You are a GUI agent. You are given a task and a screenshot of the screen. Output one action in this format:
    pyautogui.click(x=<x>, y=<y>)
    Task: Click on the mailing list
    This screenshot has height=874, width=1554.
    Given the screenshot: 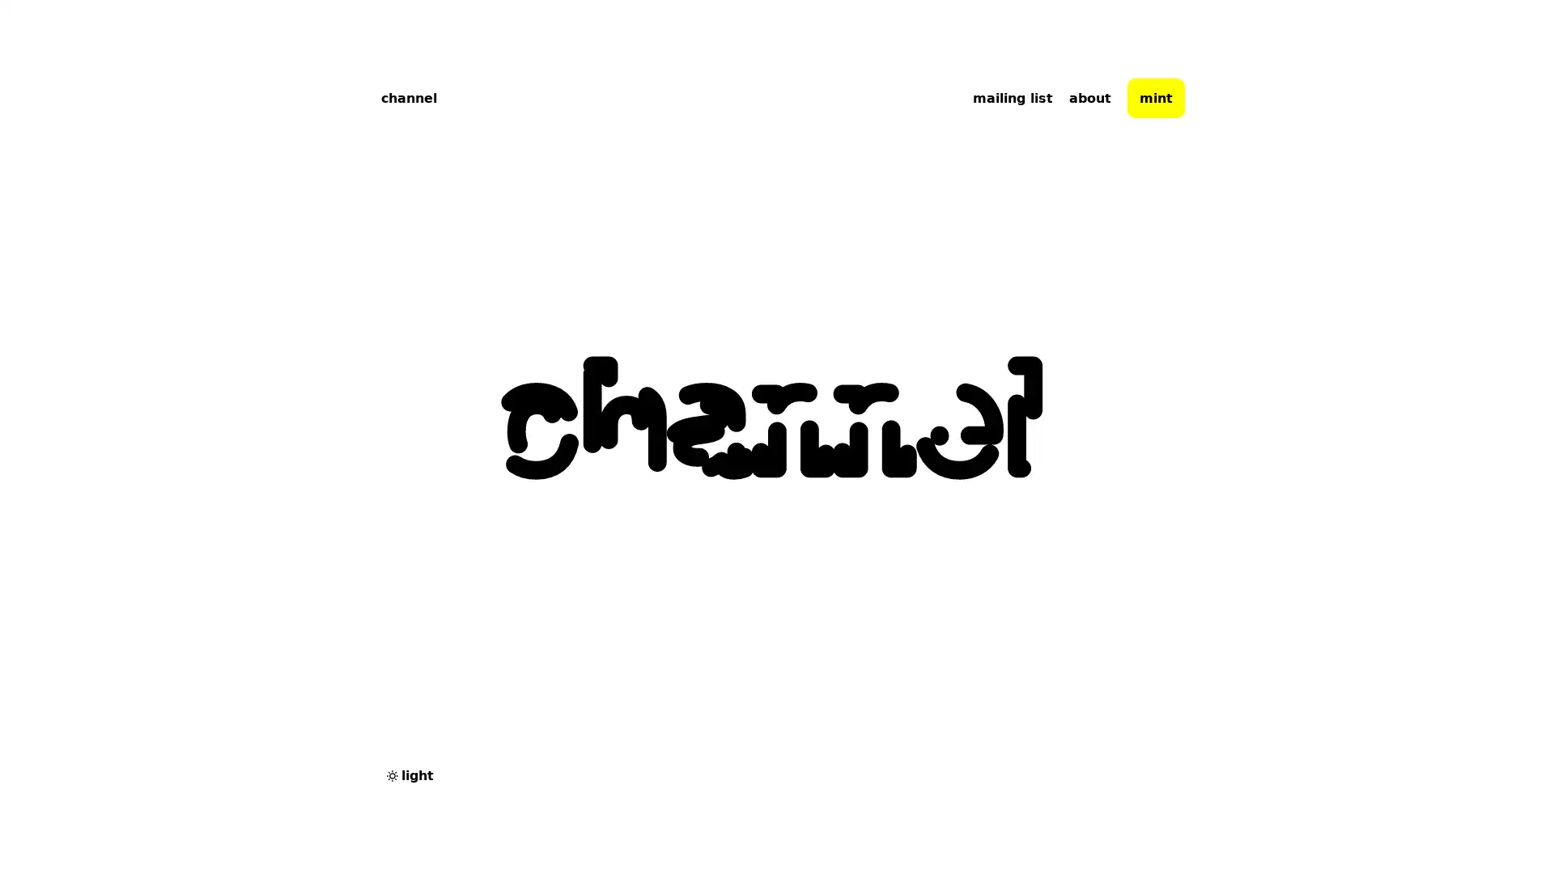 What is the action you would take?
    pyautogui.click(x=1012, y=97)
    